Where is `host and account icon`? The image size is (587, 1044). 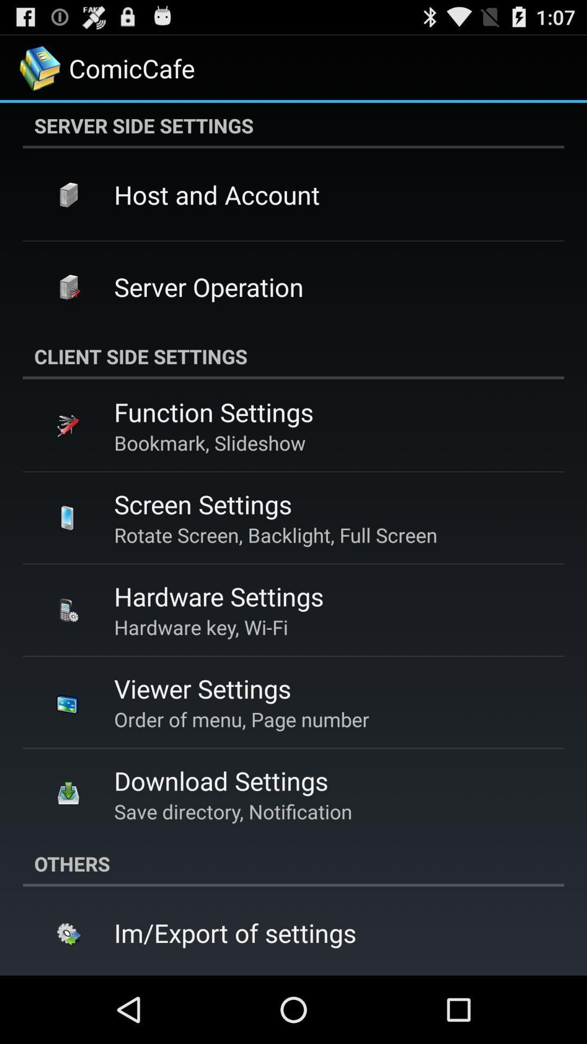 host and account icon is located at coordinates (217, 195).